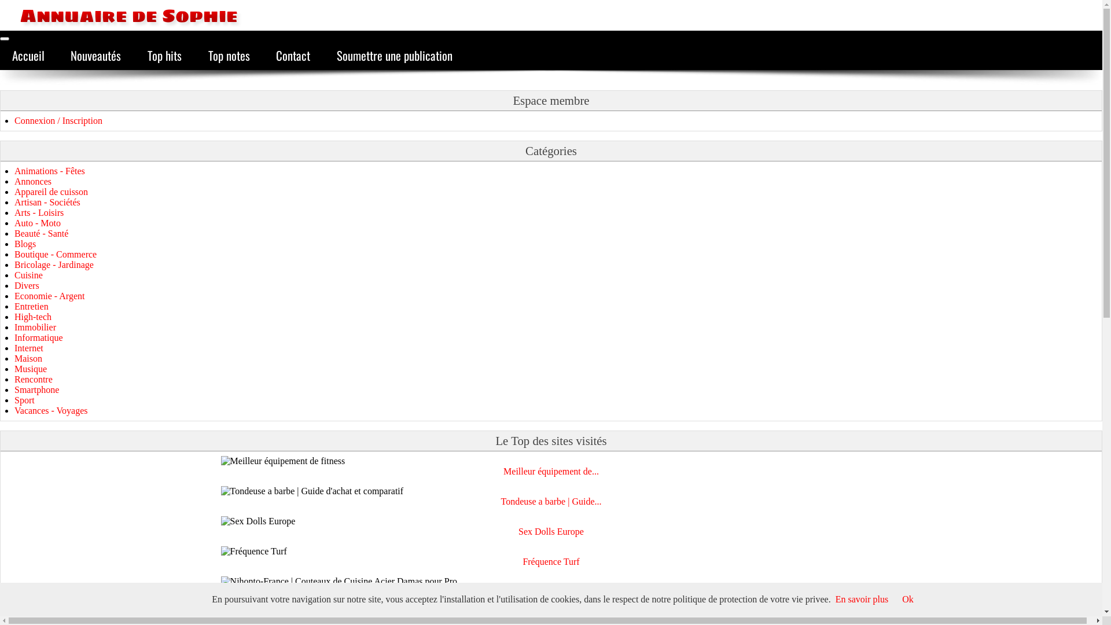  Describe the element at coordinates (14, 253) in the screenshot. I see `'Boutique - Commerce'` at that location.